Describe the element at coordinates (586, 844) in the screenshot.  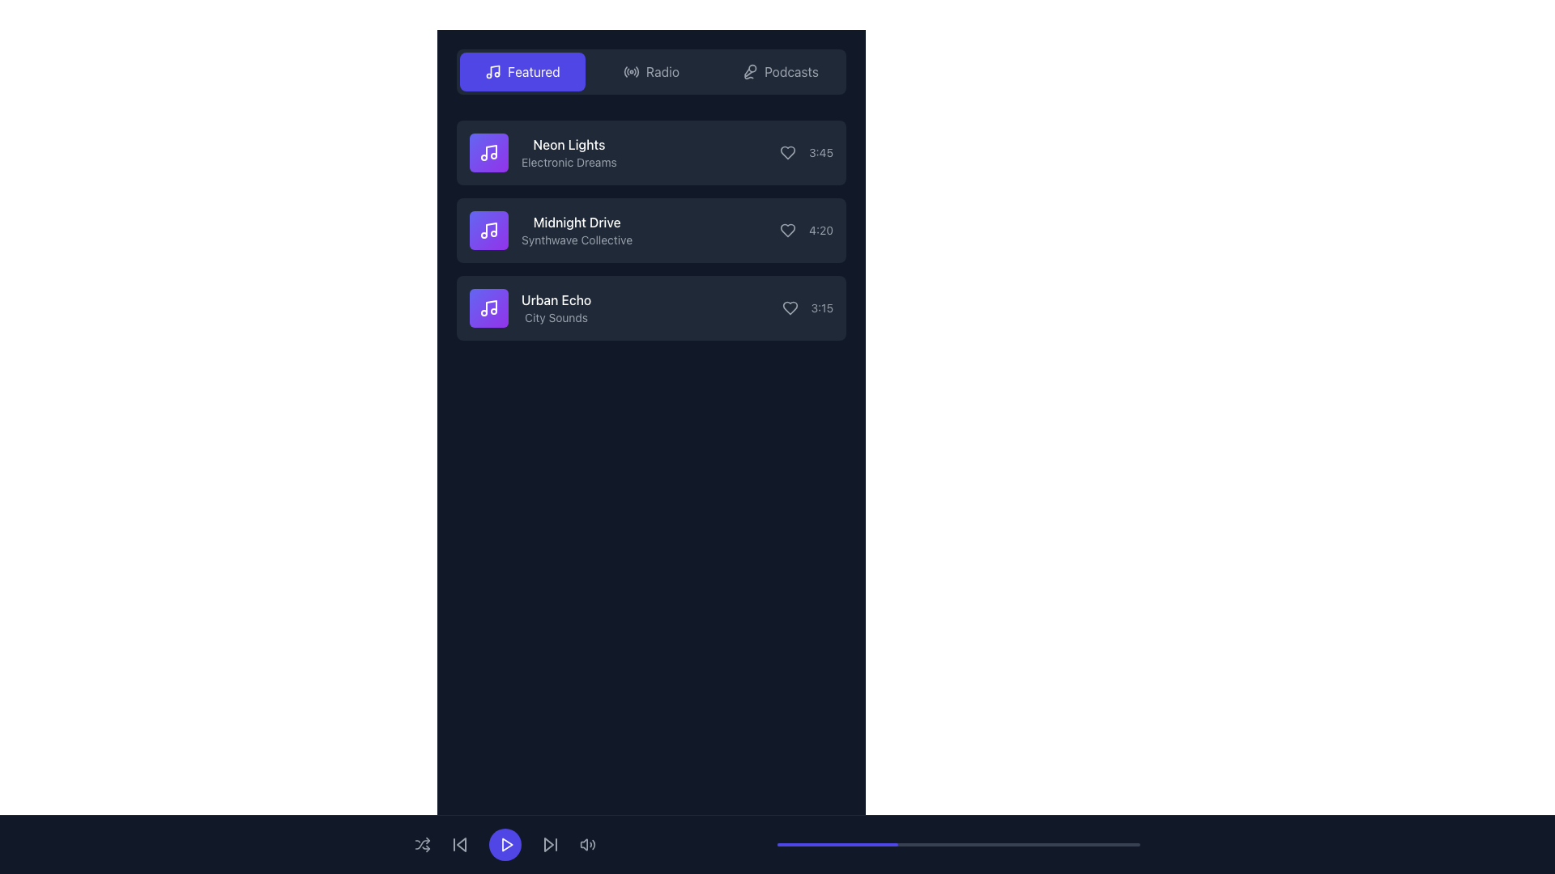
I see `the volume control button located at the bottom-right corner of the interface to change its styling` at that location.